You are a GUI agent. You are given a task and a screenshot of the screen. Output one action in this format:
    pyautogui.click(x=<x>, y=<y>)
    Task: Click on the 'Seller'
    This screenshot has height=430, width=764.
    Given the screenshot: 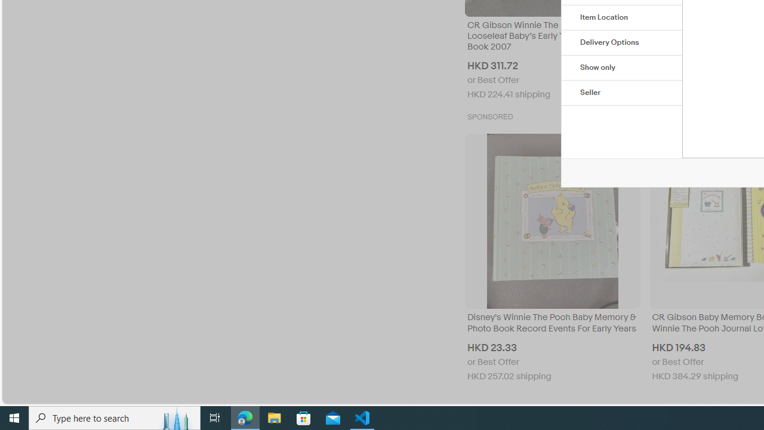 What is the action you would take?
    pyautogui.click(x=621, y=93)
    